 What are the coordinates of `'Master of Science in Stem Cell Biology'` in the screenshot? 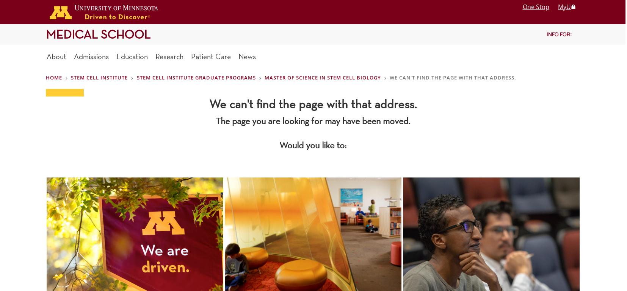 It's located at (322, 77).